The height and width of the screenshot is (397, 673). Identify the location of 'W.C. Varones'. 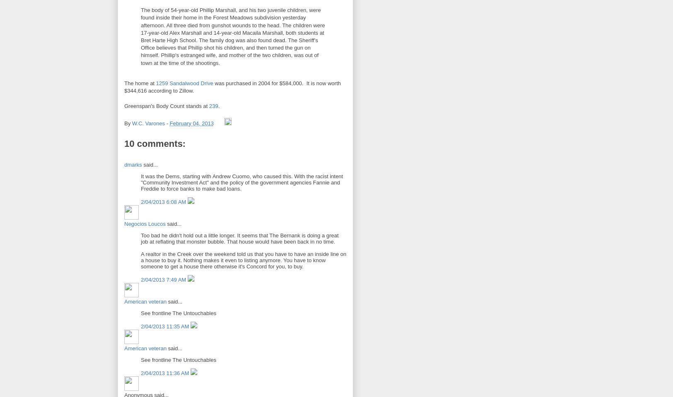
(148, 123).